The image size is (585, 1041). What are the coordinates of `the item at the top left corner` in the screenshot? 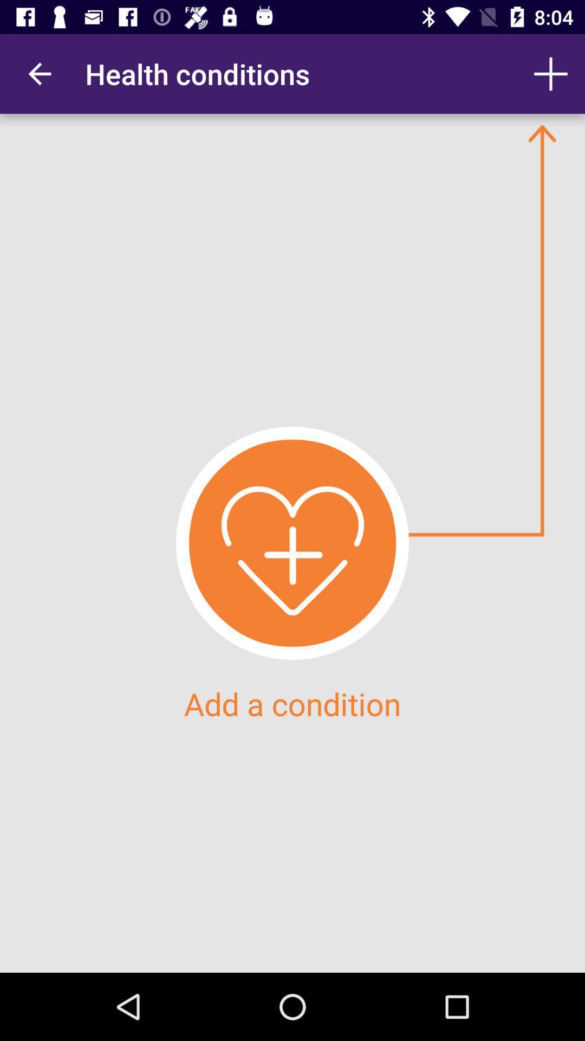 It's located at (39, 73).